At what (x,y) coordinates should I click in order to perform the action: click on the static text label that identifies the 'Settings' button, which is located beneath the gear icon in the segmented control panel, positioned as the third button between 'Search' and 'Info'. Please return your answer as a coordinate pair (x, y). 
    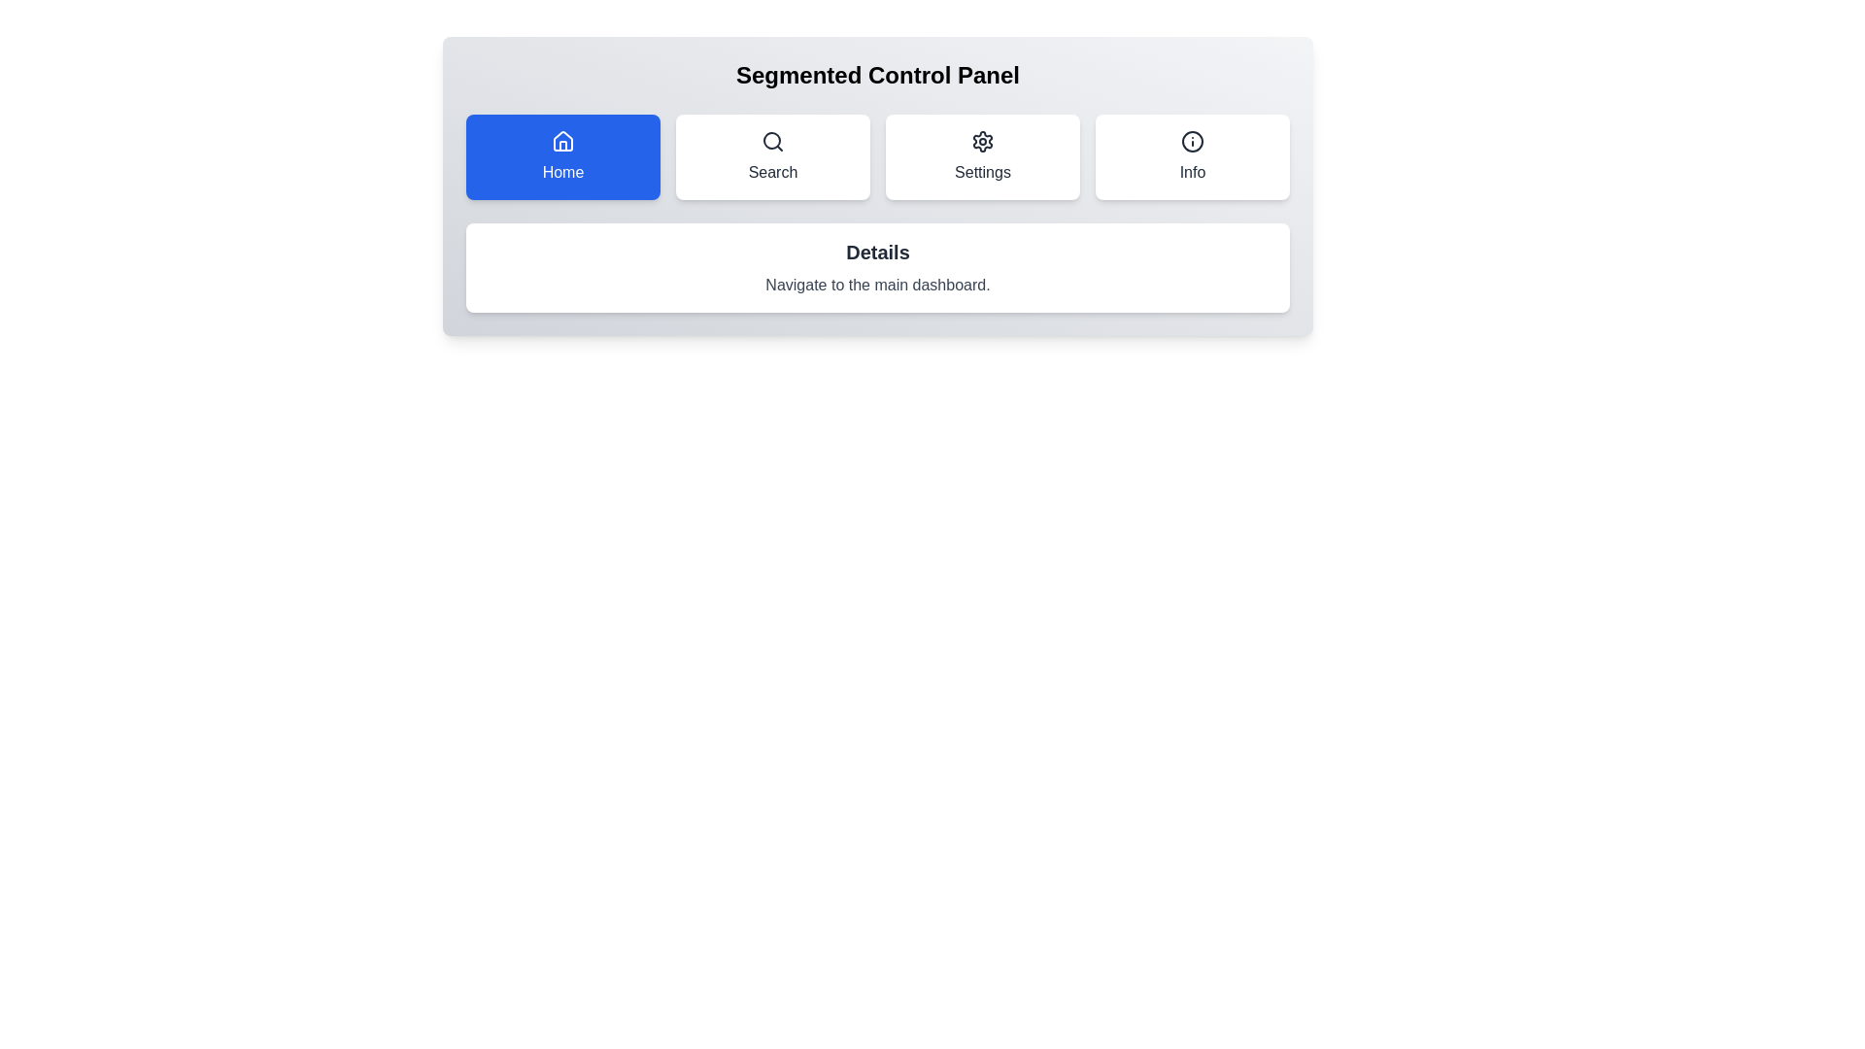
    Looking at the image, I should click on (983, 171).